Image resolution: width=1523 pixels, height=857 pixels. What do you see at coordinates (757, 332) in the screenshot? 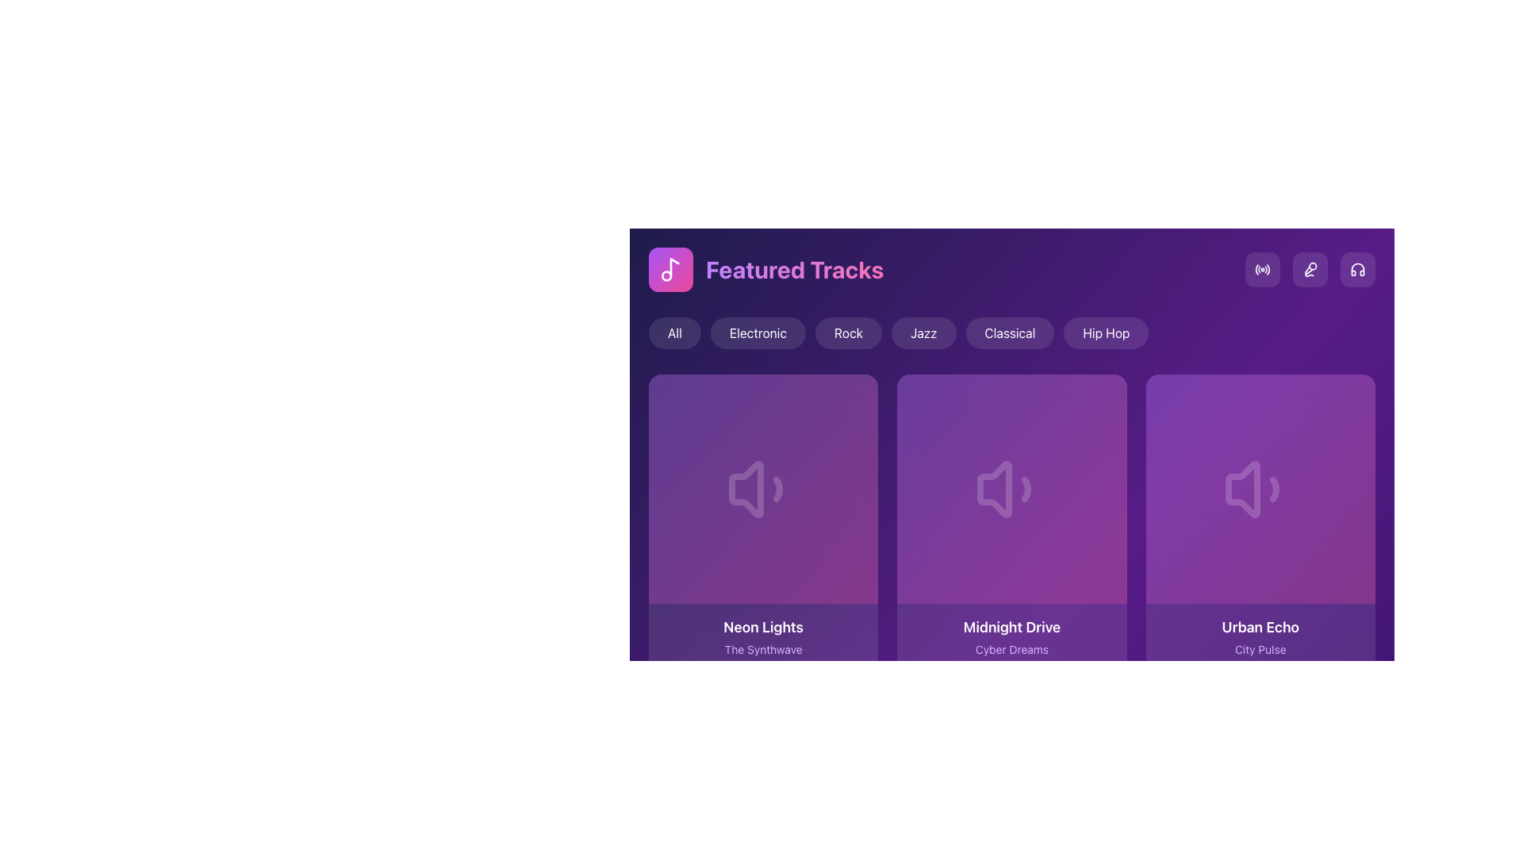
I see `the 'Electronic' button, which is the second button from the left in a horizontally aligned menu` at bounding box center [757, 332].